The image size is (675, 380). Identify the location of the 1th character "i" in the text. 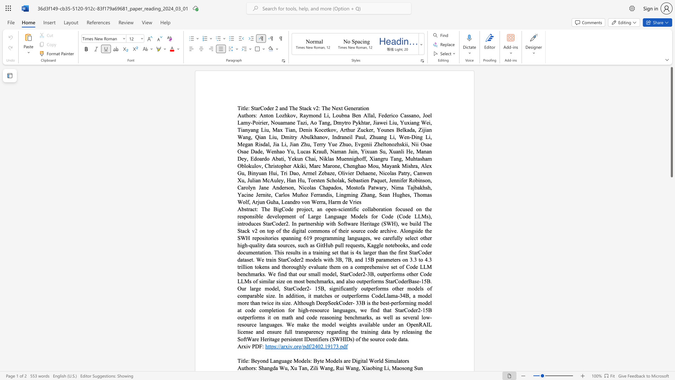
(314, 367).